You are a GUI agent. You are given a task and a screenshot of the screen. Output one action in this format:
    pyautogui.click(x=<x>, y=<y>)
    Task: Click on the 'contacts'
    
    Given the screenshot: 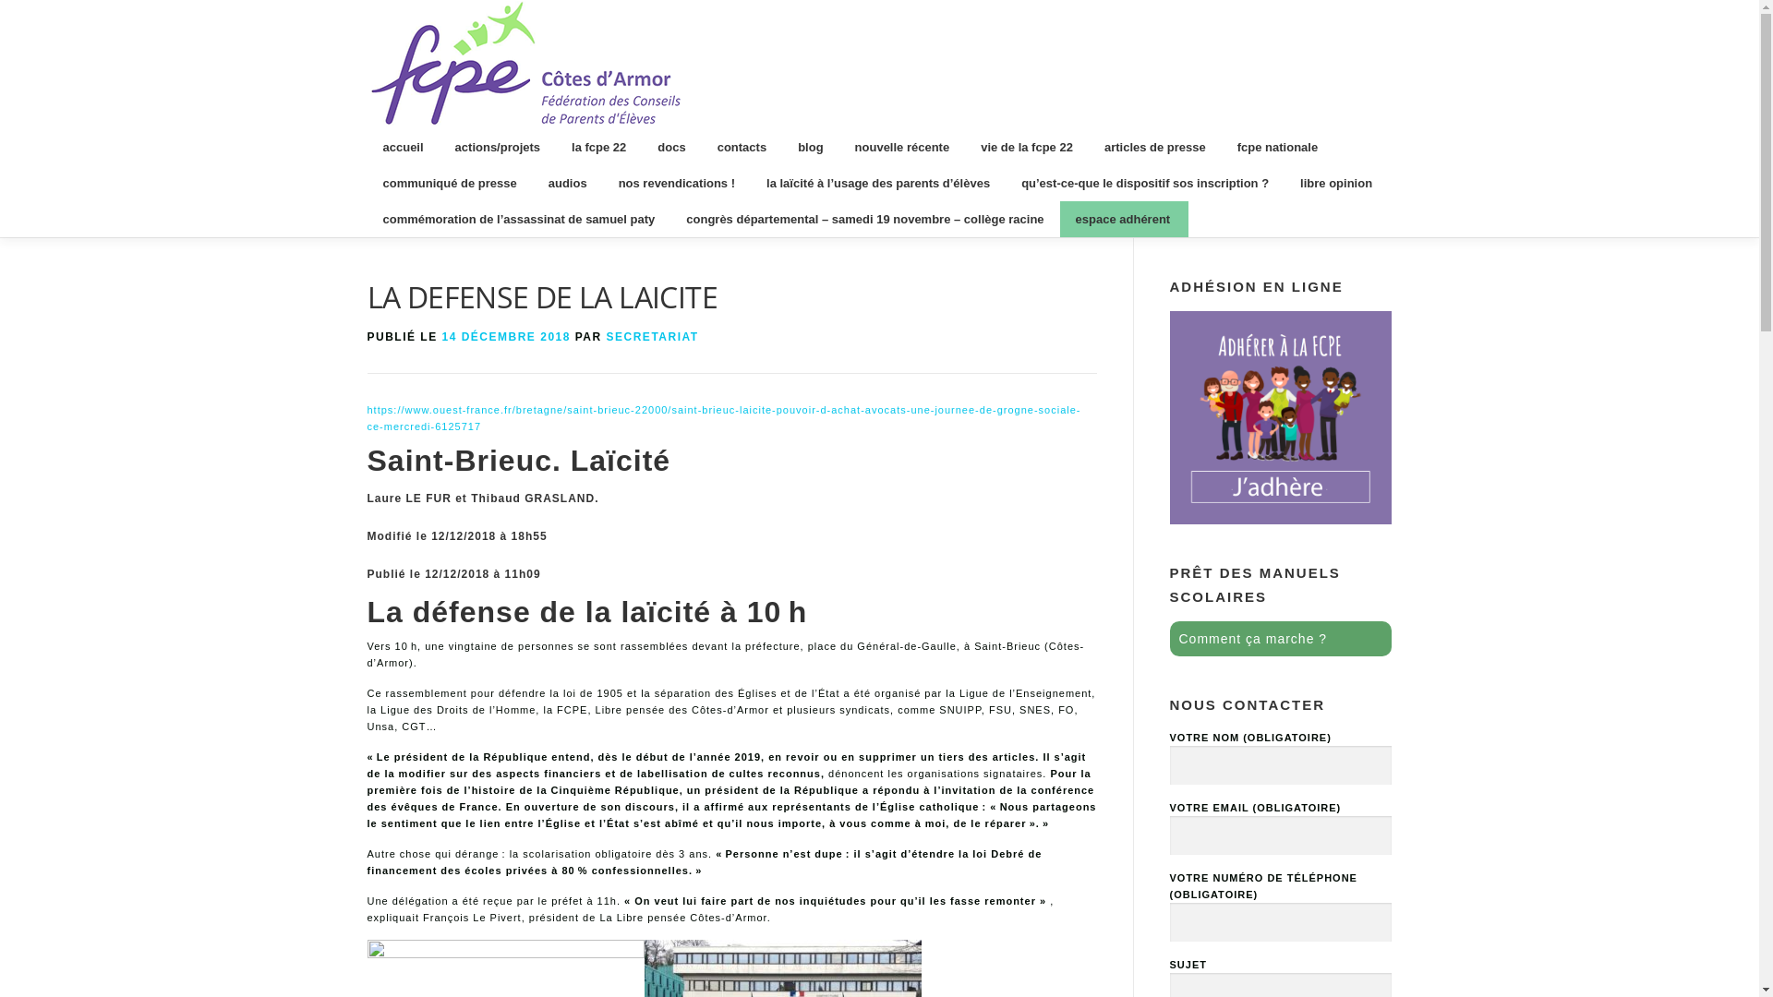 What is the action you would take?
    pyautogui.click(x=742, y=146)
    